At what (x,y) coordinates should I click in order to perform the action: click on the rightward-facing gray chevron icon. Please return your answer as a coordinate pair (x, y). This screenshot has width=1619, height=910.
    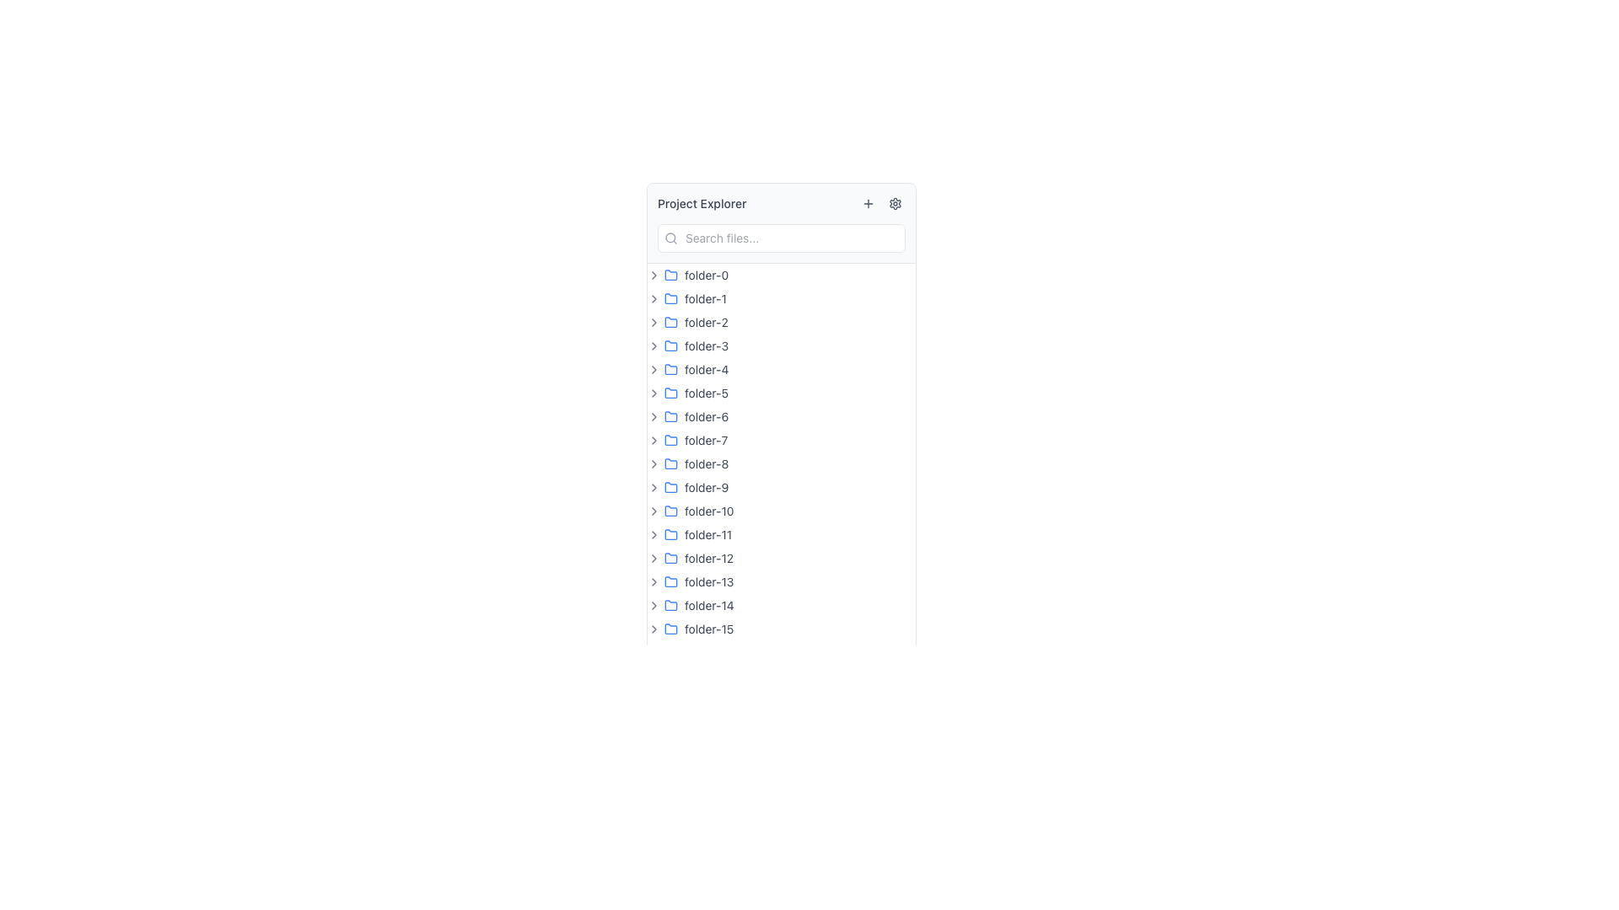
    Looking at the image, I should click on (654, 369).